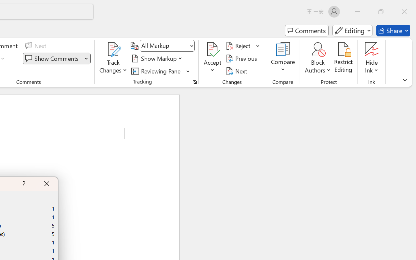 The width and height of the screenshot is (416, 260). I want to click on 'Reject', so click(242, 46).